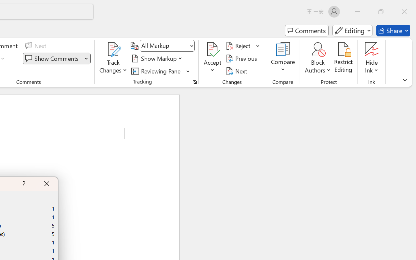 The width and height of the screenshot is (416, 260). I want to click on 'Reject', so click(242, 46).